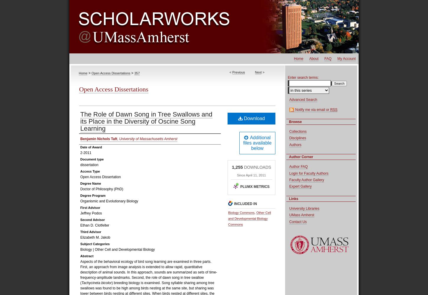 This screenshot has width=428, height=295. I want to click on 'Access Type', so click(90, 171).